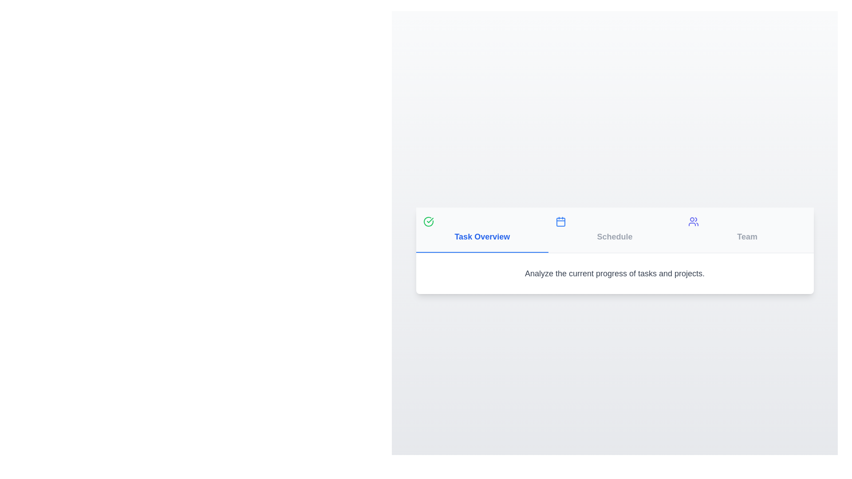 The width and height of the screenshot is (852, 479). What do you see at coordinates (430, 267) in the screenshot?
I see `the text 'Analyze the current progress of tasks and projects.' and copy it to the clipboard` at bounding box center [430, 267].